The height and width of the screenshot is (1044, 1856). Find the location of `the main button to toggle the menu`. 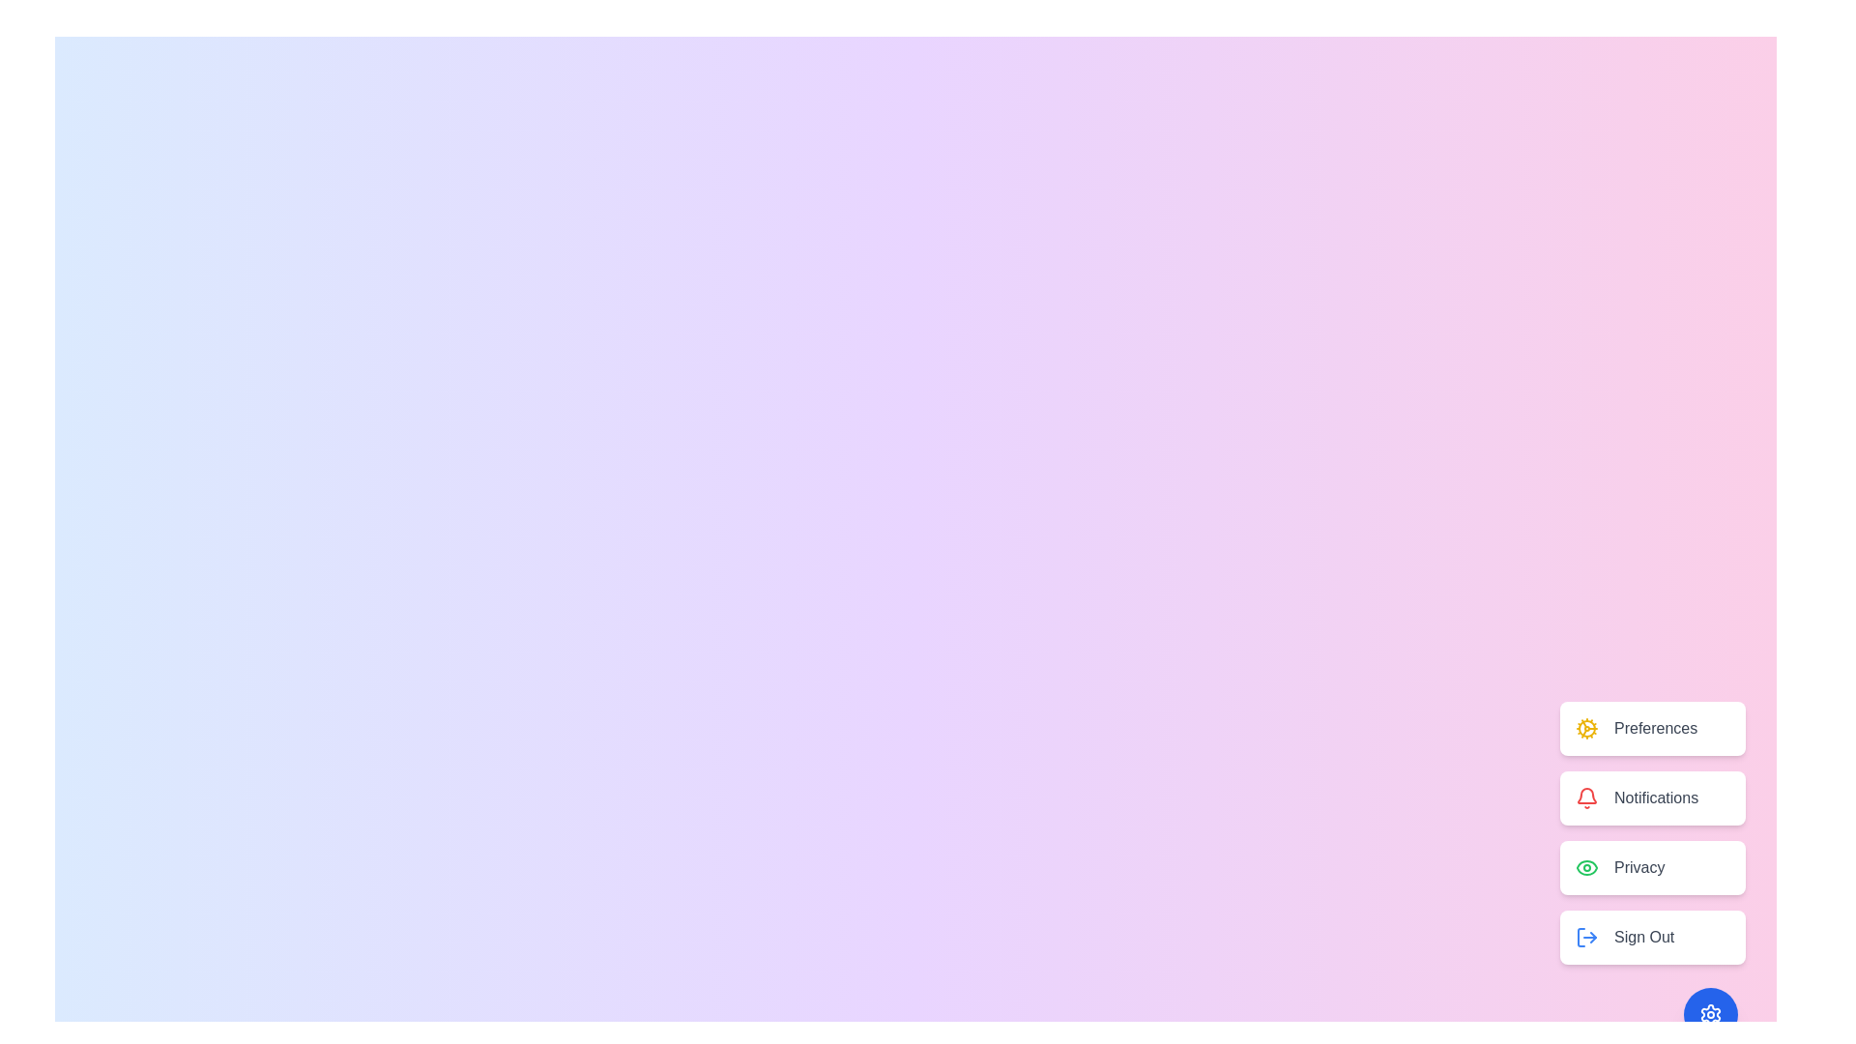

the main button to toggle the menu is located at coordinates (1711, 1013).